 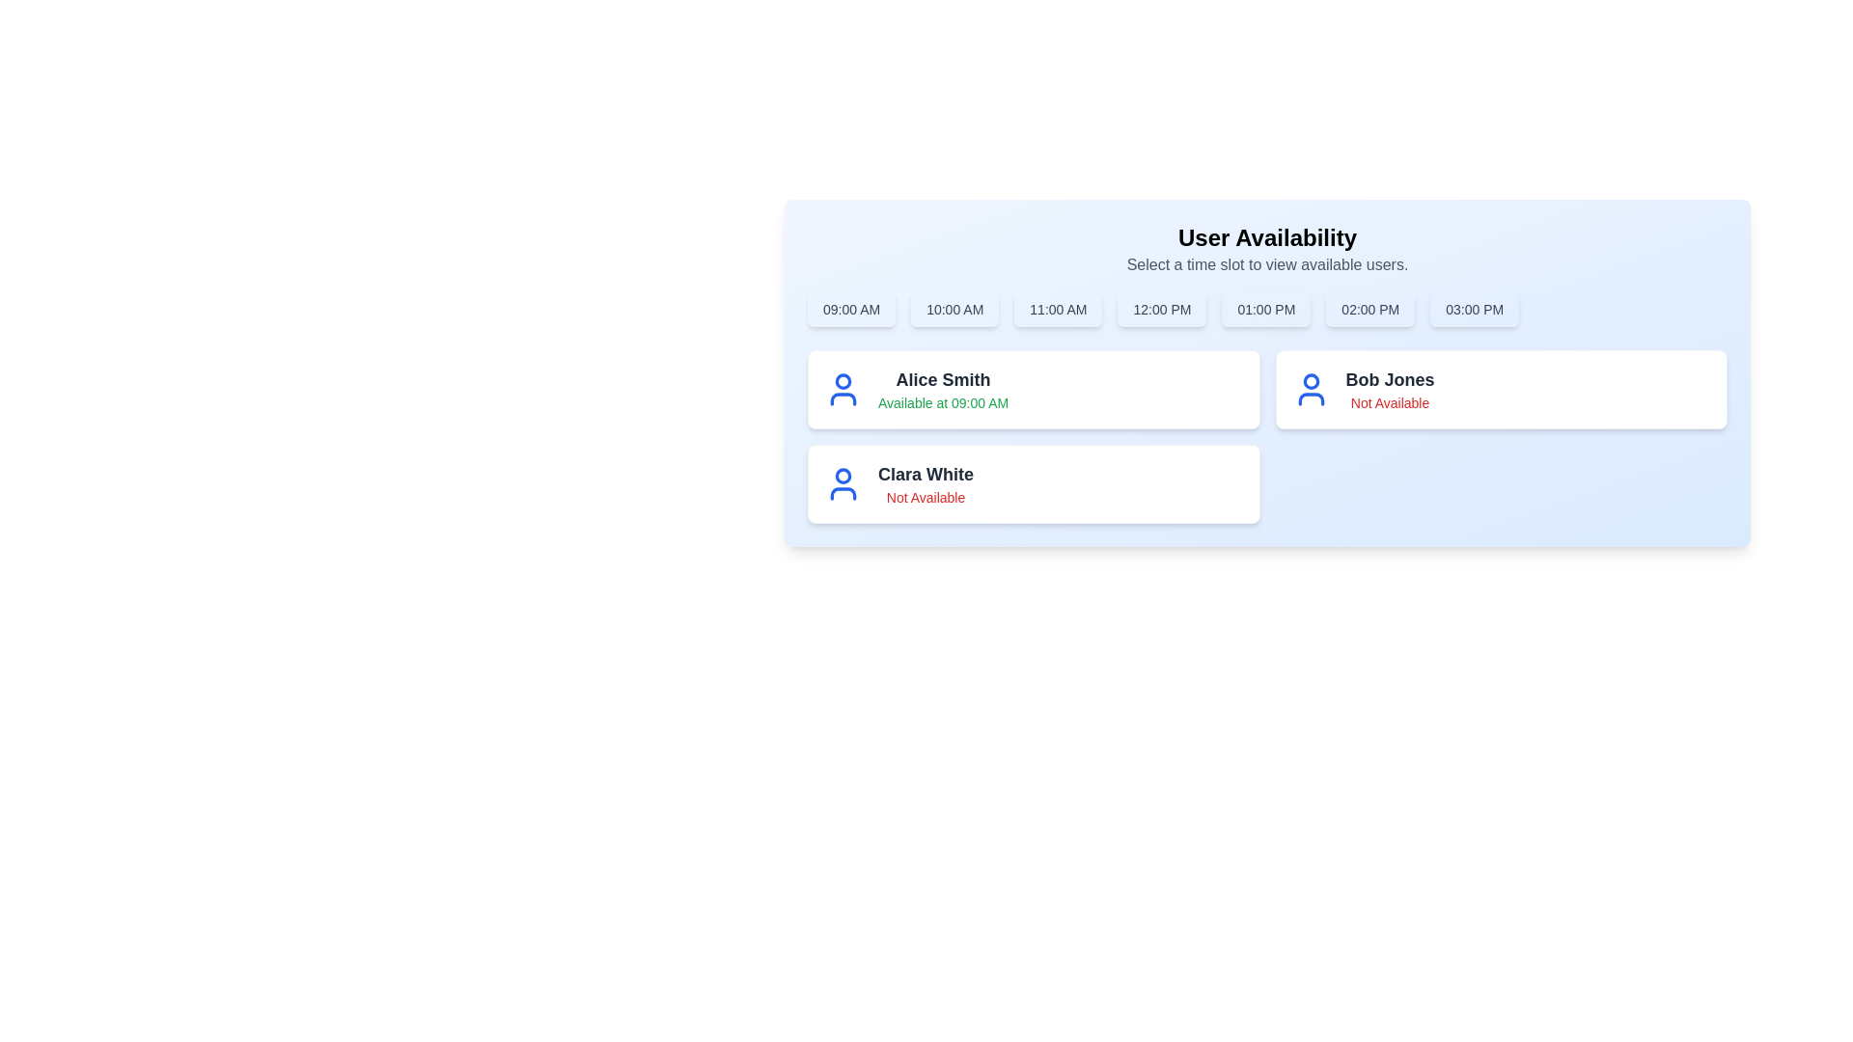 What do you see at coordinates (1473, 308) in the screenshot?
I see `the last button in the horizontal row of time selection buttons` at bounding box center [1473, 308].